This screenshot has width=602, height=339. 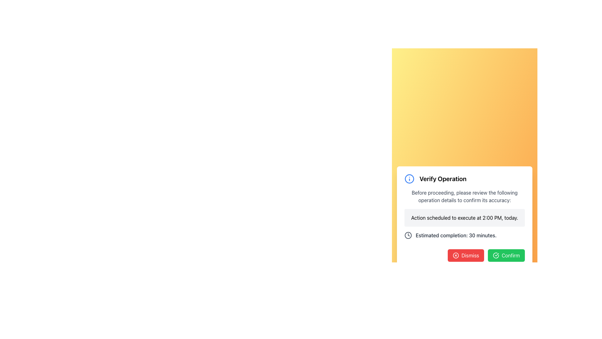 What do you see at coordinates (456, 255) in the screenshot?
I see `the Decorative icon located at the leftmost part of the red 'Dismiss' button` at bounding box center [456, 255].